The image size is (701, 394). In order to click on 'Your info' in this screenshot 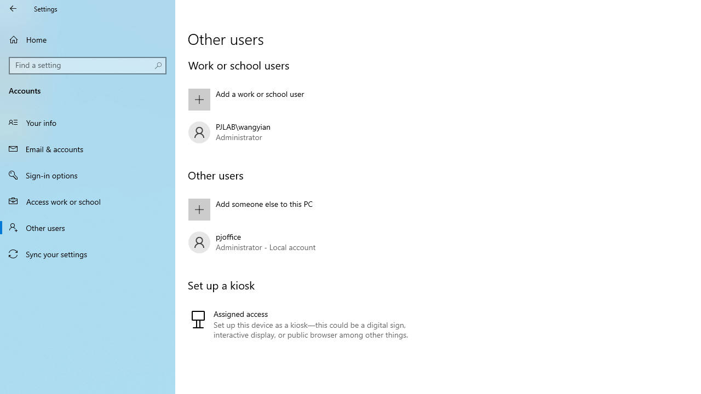, I will do `click(88, 122)`.